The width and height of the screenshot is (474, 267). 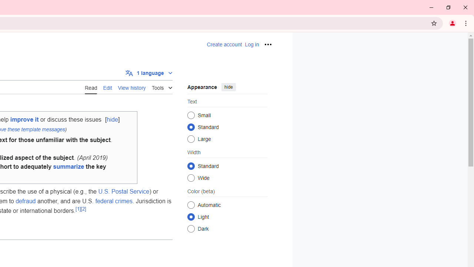 I want to click on 'Log in', so click(x=252, y=44).